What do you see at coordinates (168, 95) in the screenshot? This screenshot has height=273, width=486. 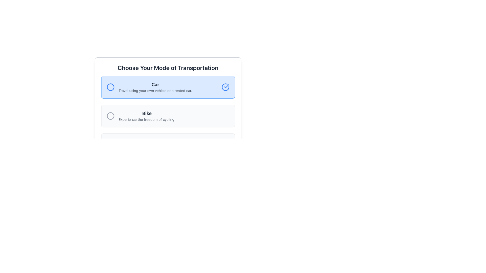 I see `the first selectable option under the 'Choose Your Mode of Transportation' section` at bounding box center [168, 95].